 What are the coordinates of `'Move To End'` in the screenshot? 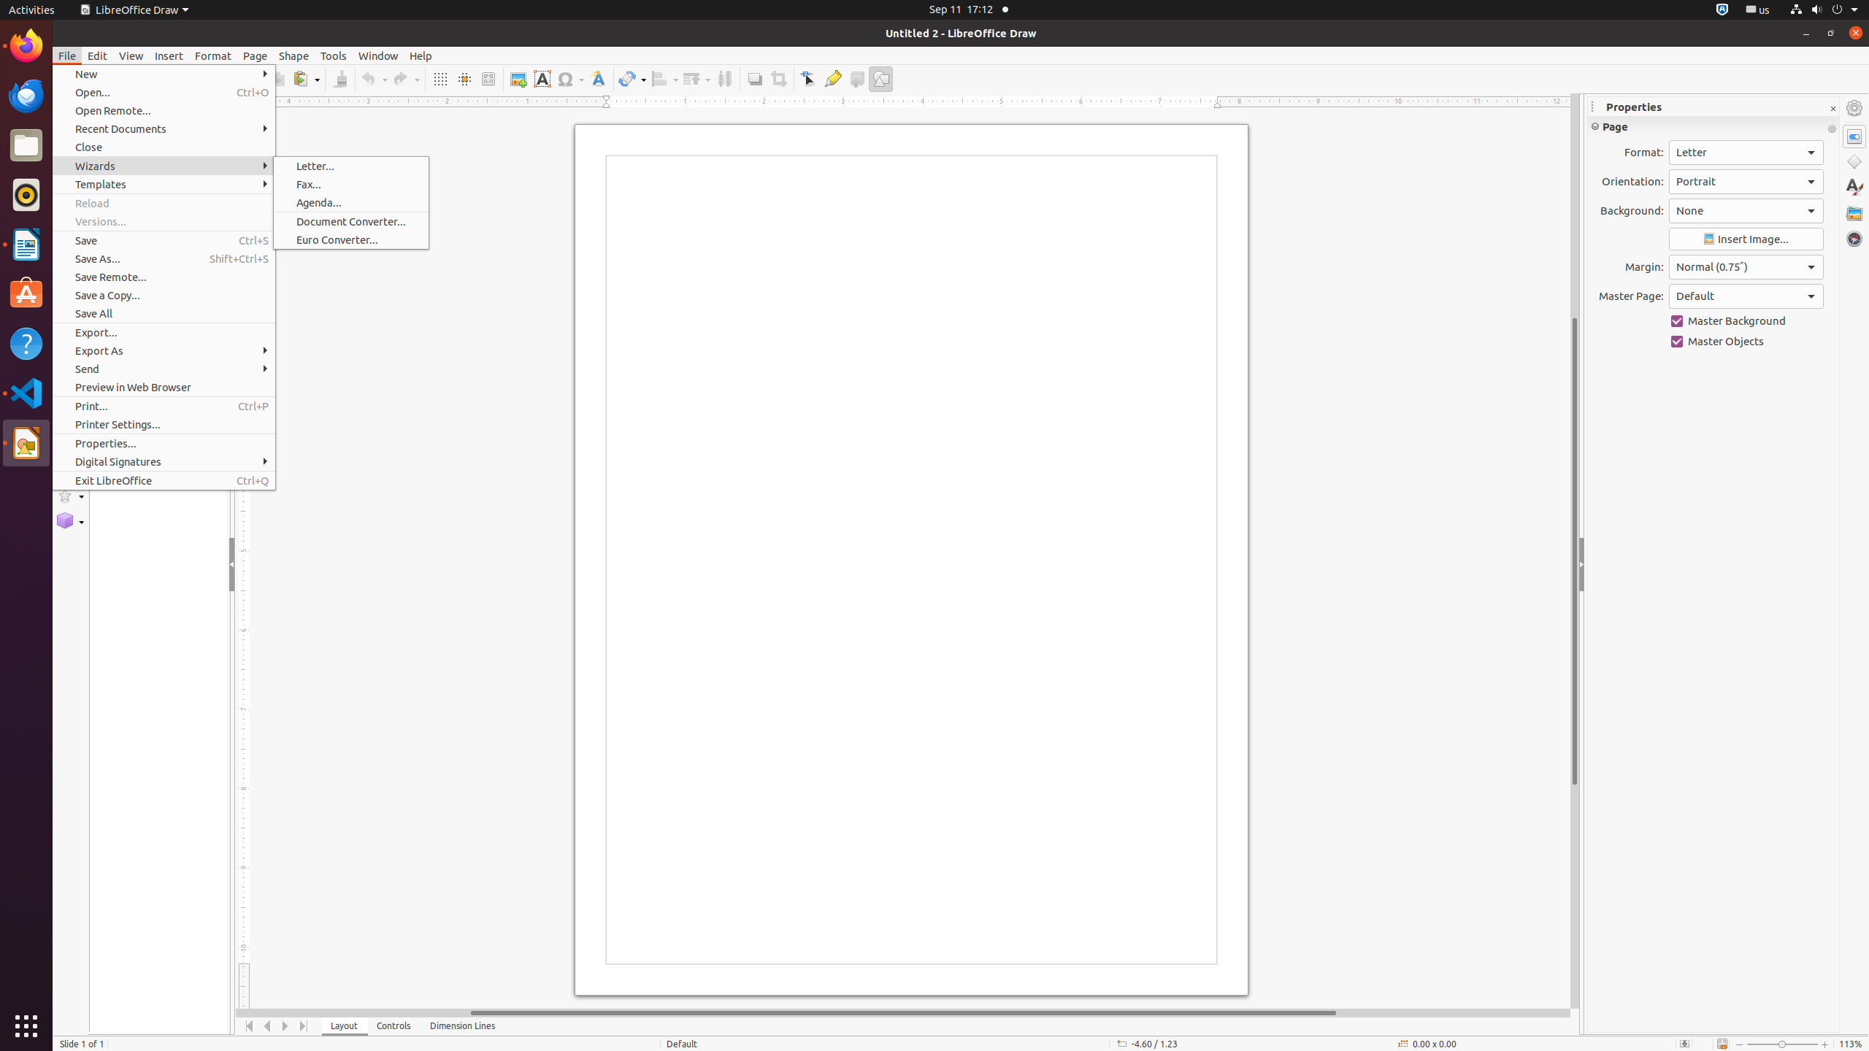 It's located at (303, 1025).